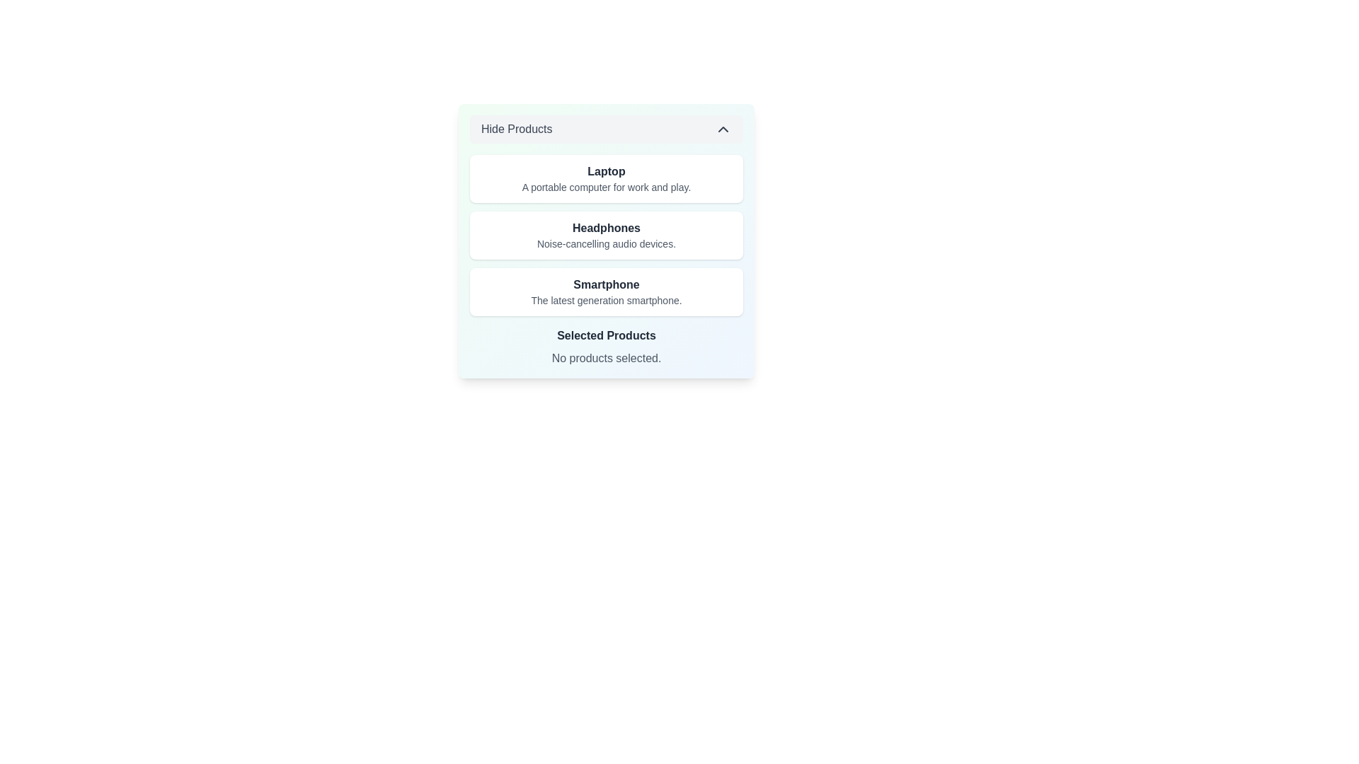 Image resolution: width=1359 pixels, height=764 pixels. What do you see at coordinates (607, 357) in the screenshot?
I see `the text label that informs the user there are no selected products currently, located directly below the 'Selected Products' text` at bounding box center [607, 357].